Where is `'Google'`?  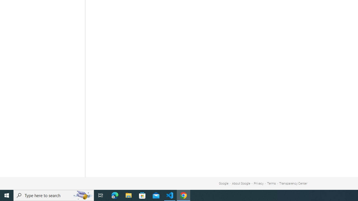 'Google' is located at coordinates (223, 183).